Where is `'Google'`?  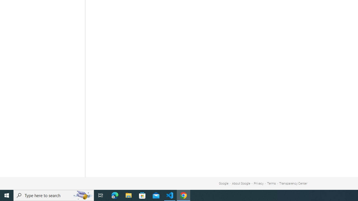 'Google' is located at coordinates (223, 183).